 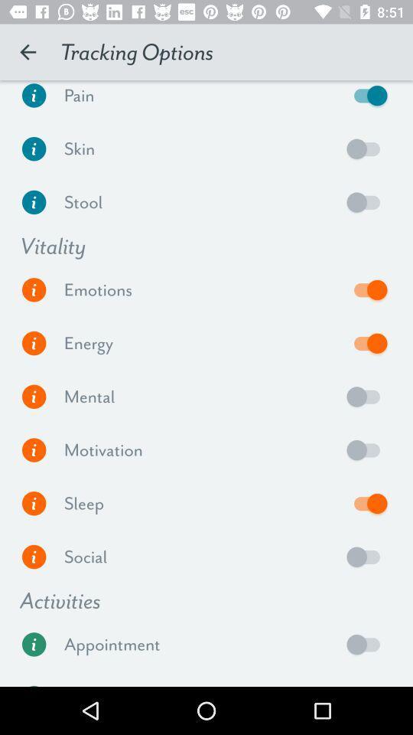 I want to click on more info on sleep, so click(x=34, y=502).